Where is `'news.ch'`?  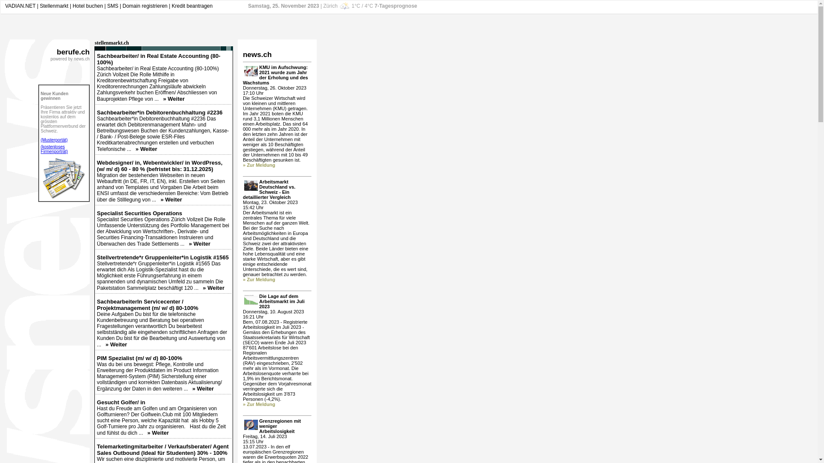
'news.ch' is located at coordinates (257, 54).